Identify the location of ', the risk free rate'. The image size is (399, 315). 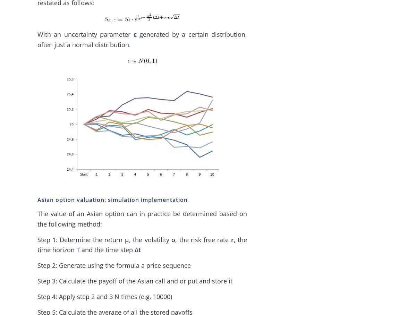
(202, 239).